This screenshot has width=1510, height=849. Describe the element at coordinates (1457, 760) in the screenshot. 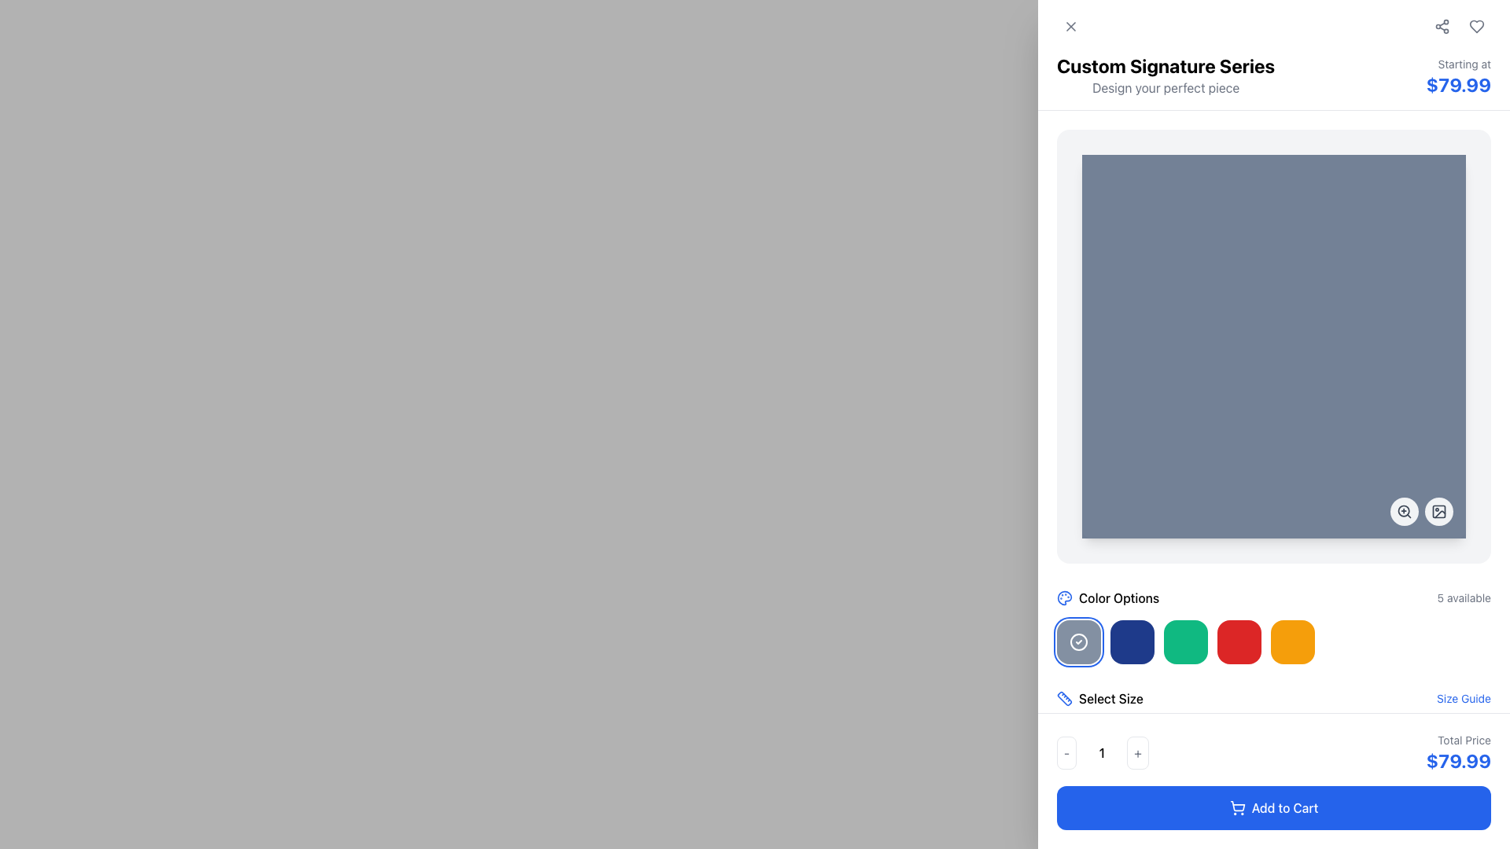

I see `the text element displaying the price '$79.99' located at the bottom-right corner of the interface under the 'Total Price' label to highlight its content` at that location.